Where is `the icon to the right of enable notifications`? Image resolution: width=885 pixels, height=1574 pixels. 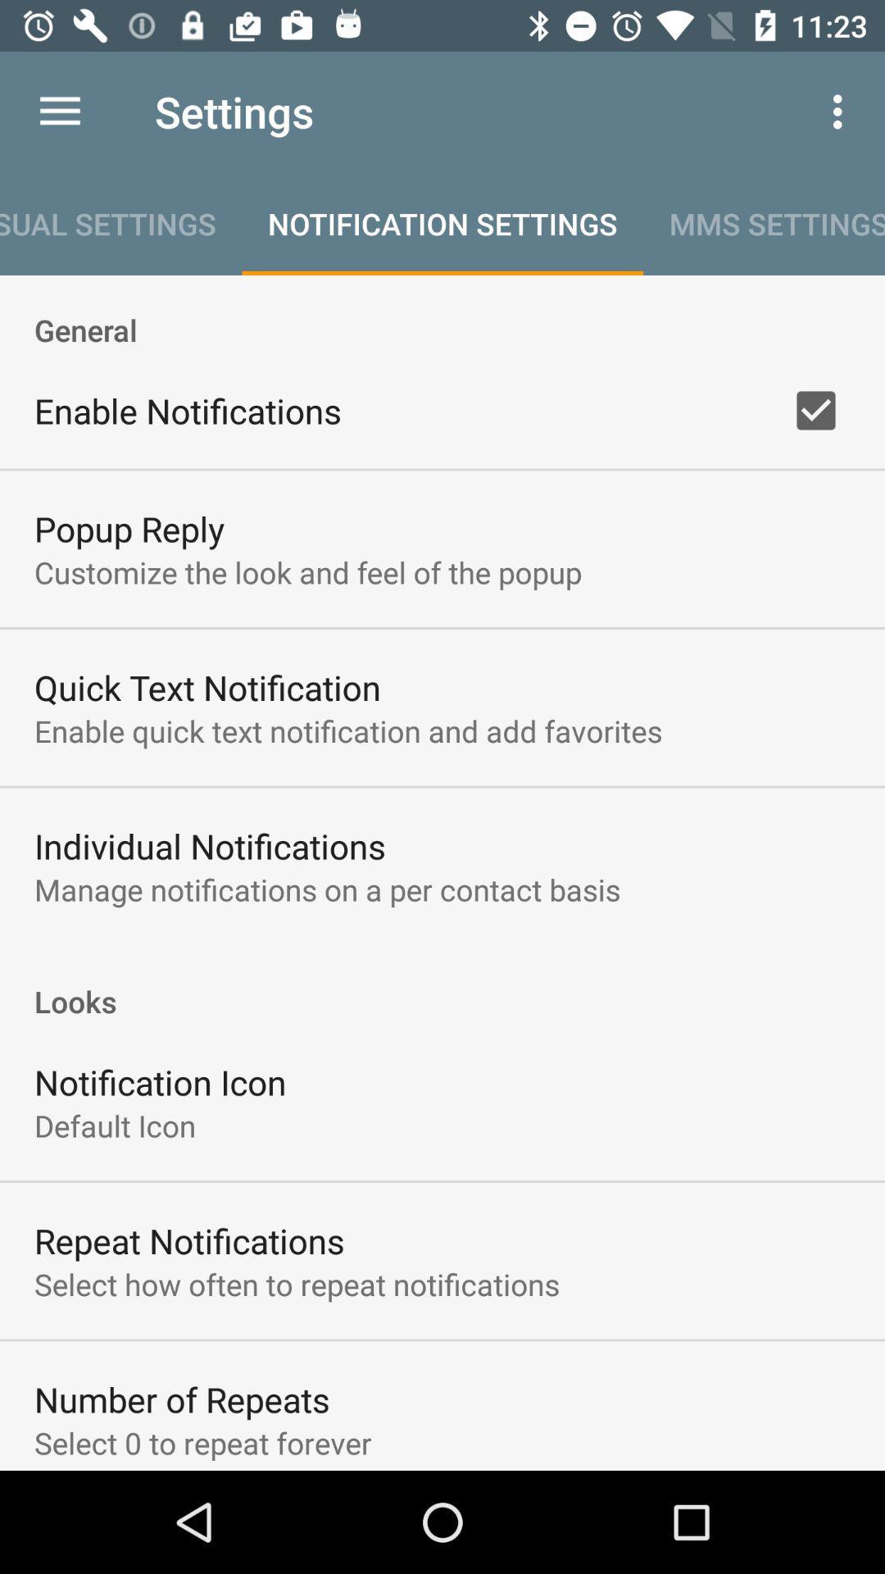 the icon to the right of enable notifications is located at coordinates (815, 410).